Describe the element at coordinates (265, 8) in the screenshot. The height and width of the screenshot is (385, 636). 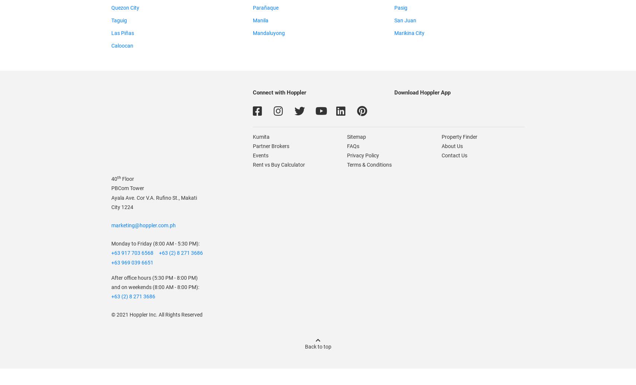
I see `'Parañaque'` at that location.